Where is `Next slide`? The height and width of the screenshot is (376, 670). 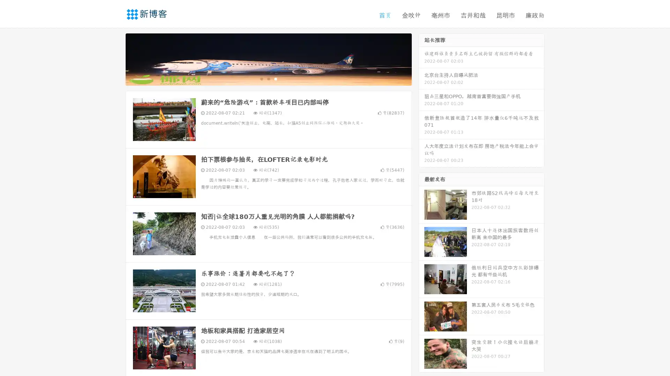 Next slide is located at coordinates (422, 58).